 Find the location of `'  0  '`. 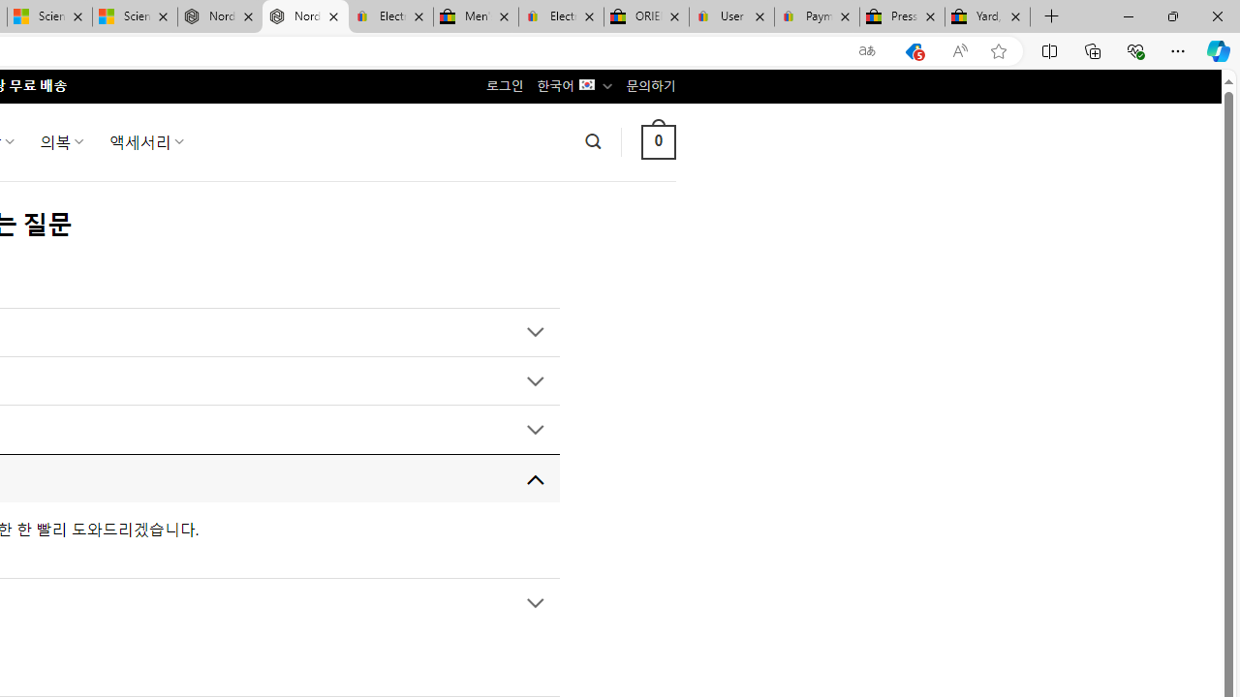

'  0  ' is located at coordinates (658, 140).